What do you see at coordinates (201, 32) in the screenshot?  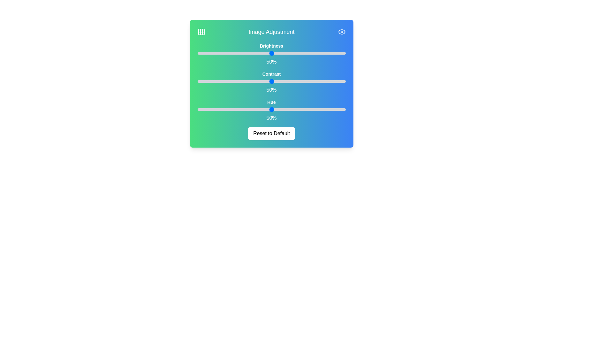 I see `the Grid icon in the header of the Image Adjustment Panel` at bounding box center [201, 32].